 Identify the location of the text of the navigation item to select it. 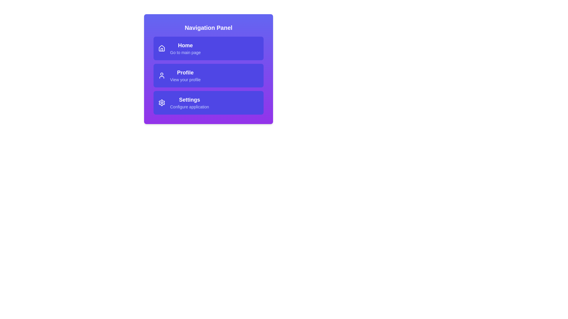
(185, 45).